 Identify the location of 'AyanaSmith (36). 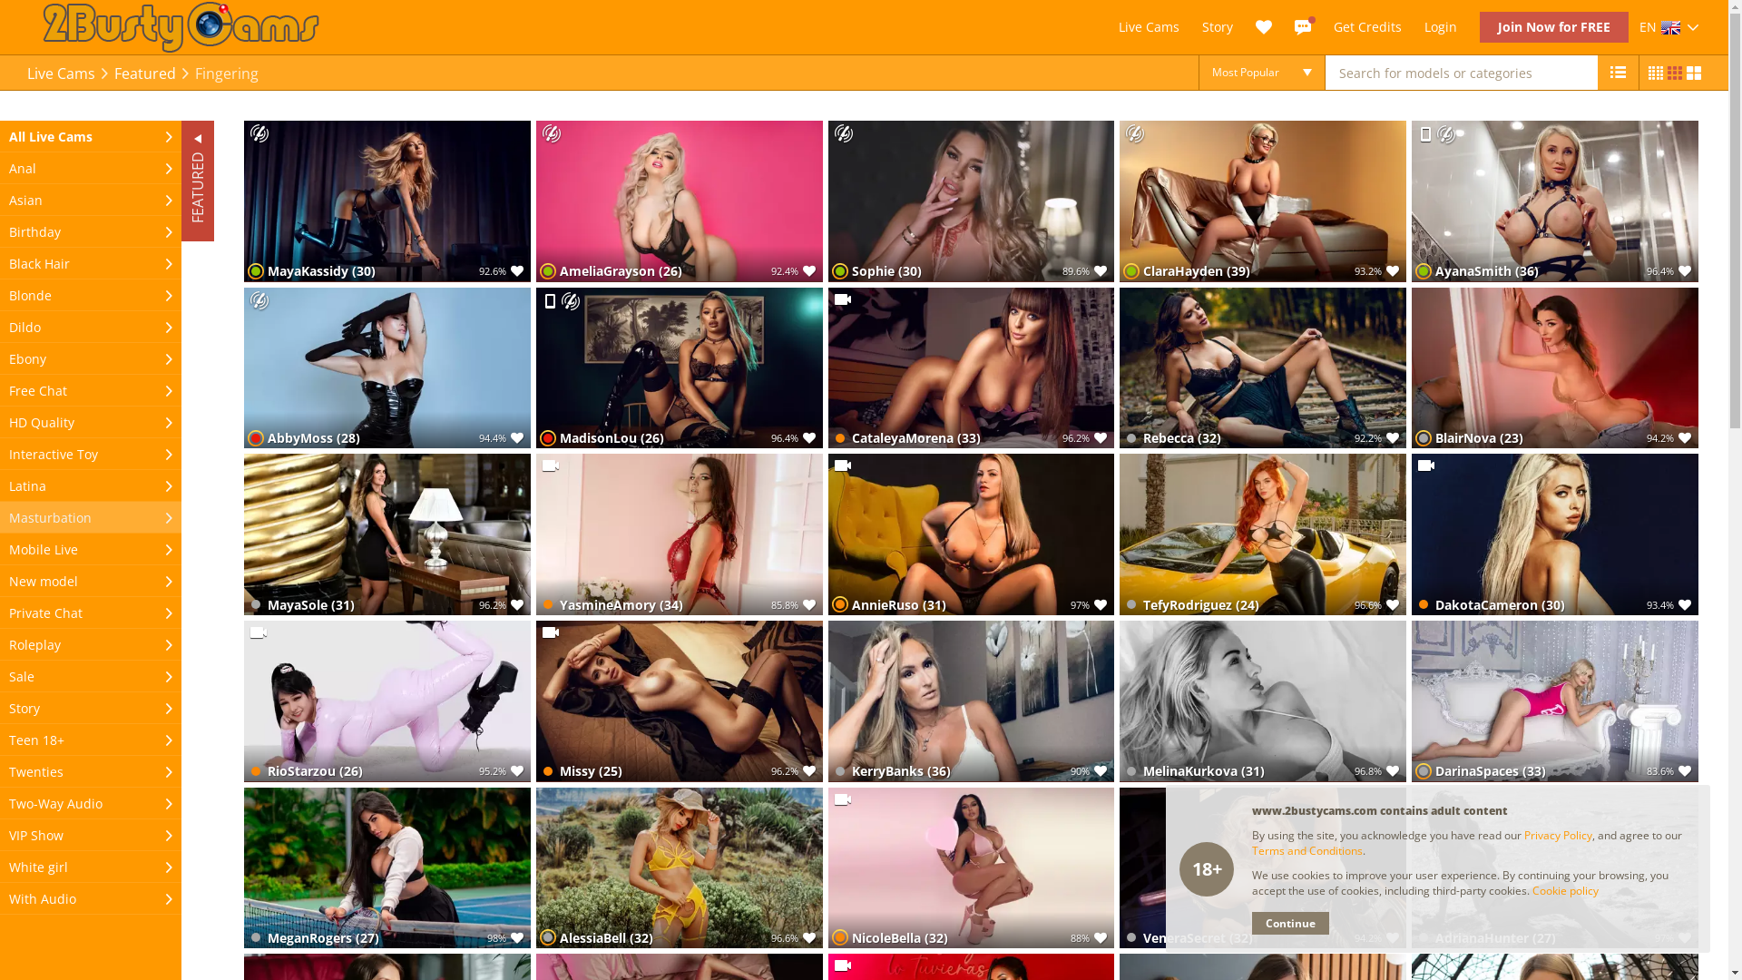
(1553, 201).